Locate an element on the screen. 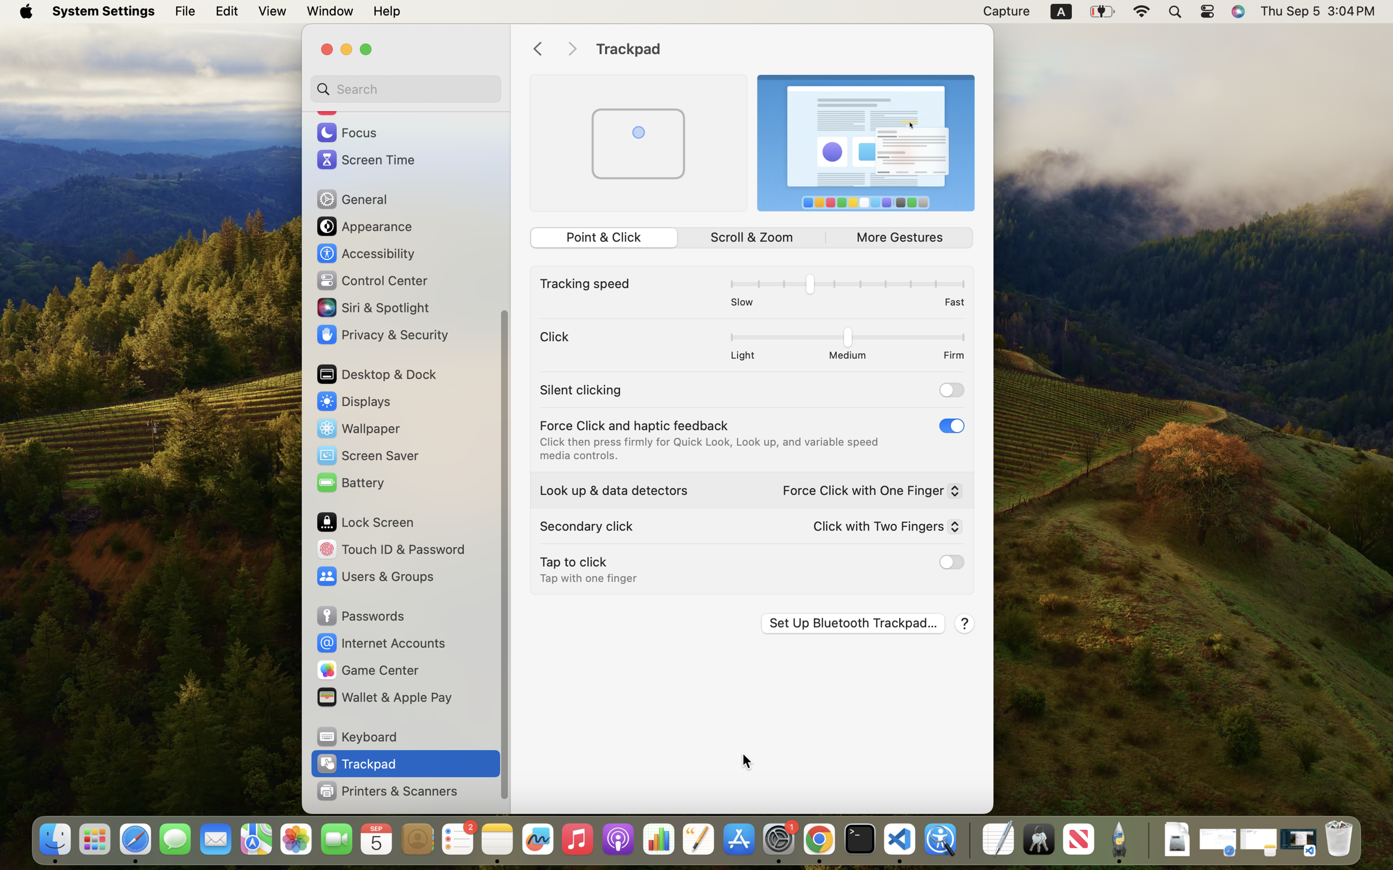 The height and width of the screenshot is (870, 1393). 'Focus' is located at coordinates (345, 132).